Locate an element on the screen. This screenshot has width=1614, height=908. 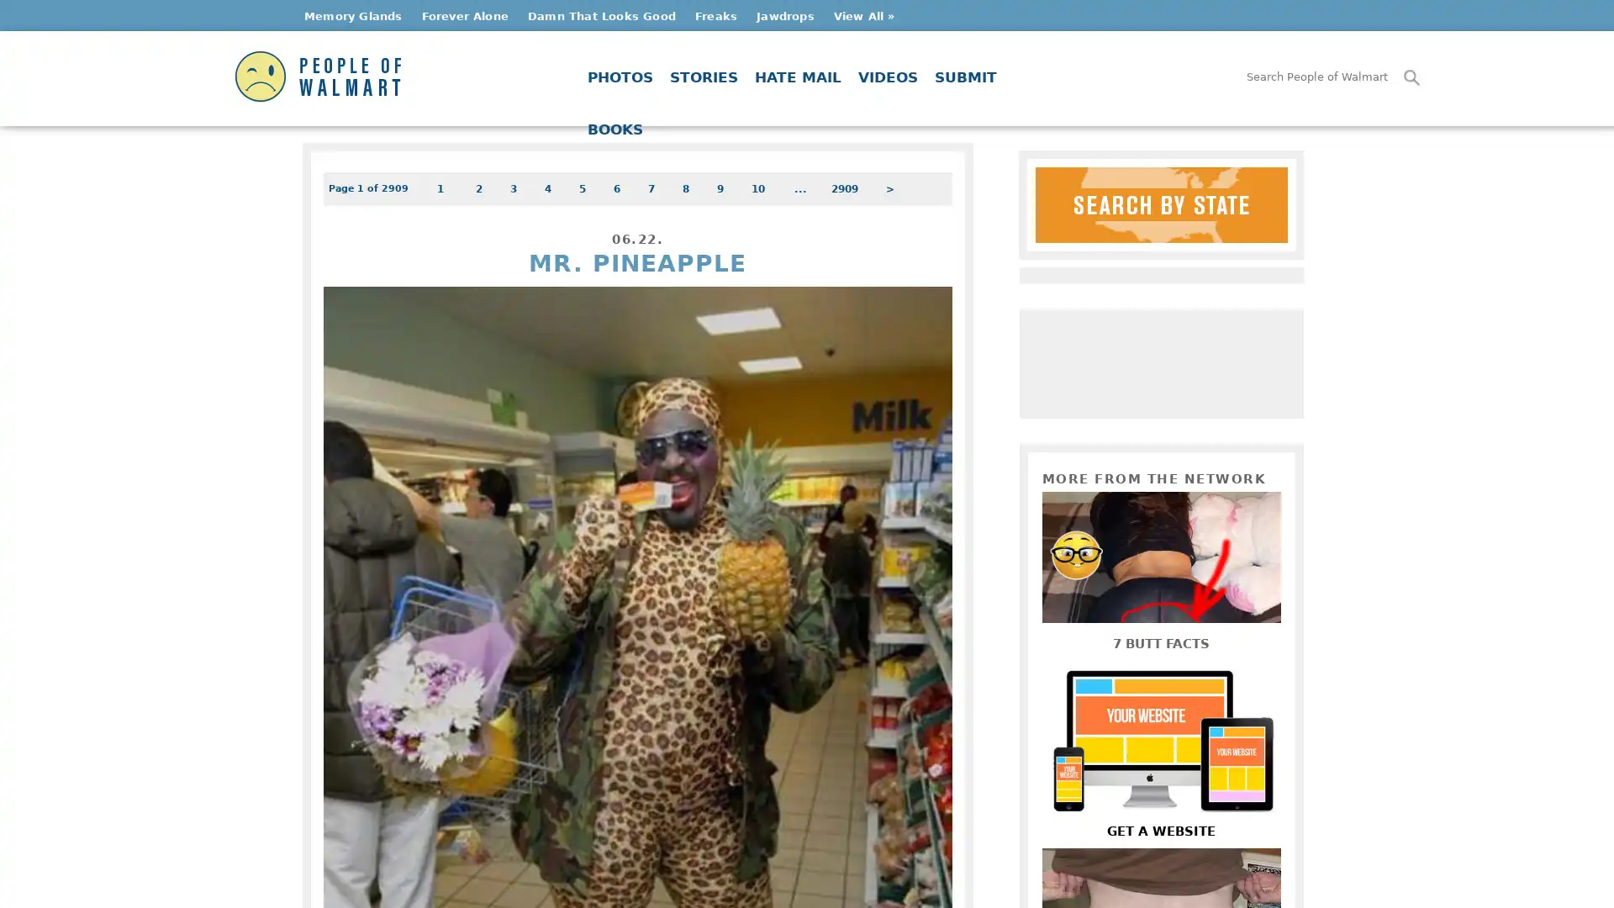
Submit is located at coordinates (1412, 77).